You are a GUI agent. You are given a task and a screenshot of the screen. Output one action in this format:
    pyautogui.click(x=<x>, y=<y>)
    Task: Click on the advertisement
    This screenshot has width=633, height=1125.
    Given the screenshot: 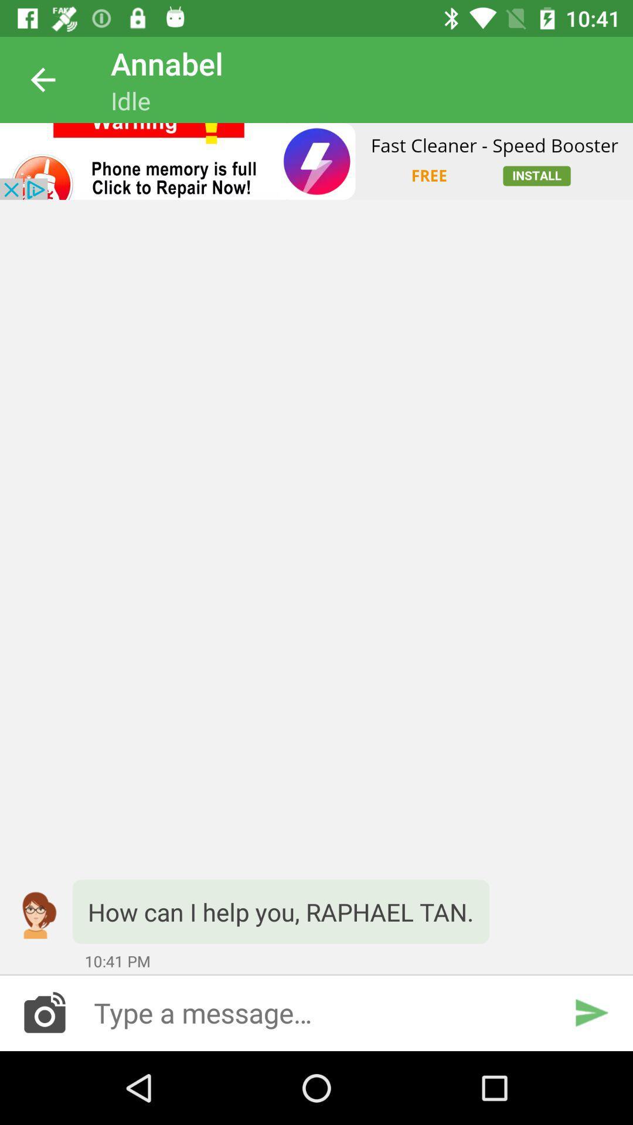 What is the action you would take?
    pyautogui.click(x=316, y=161)
    